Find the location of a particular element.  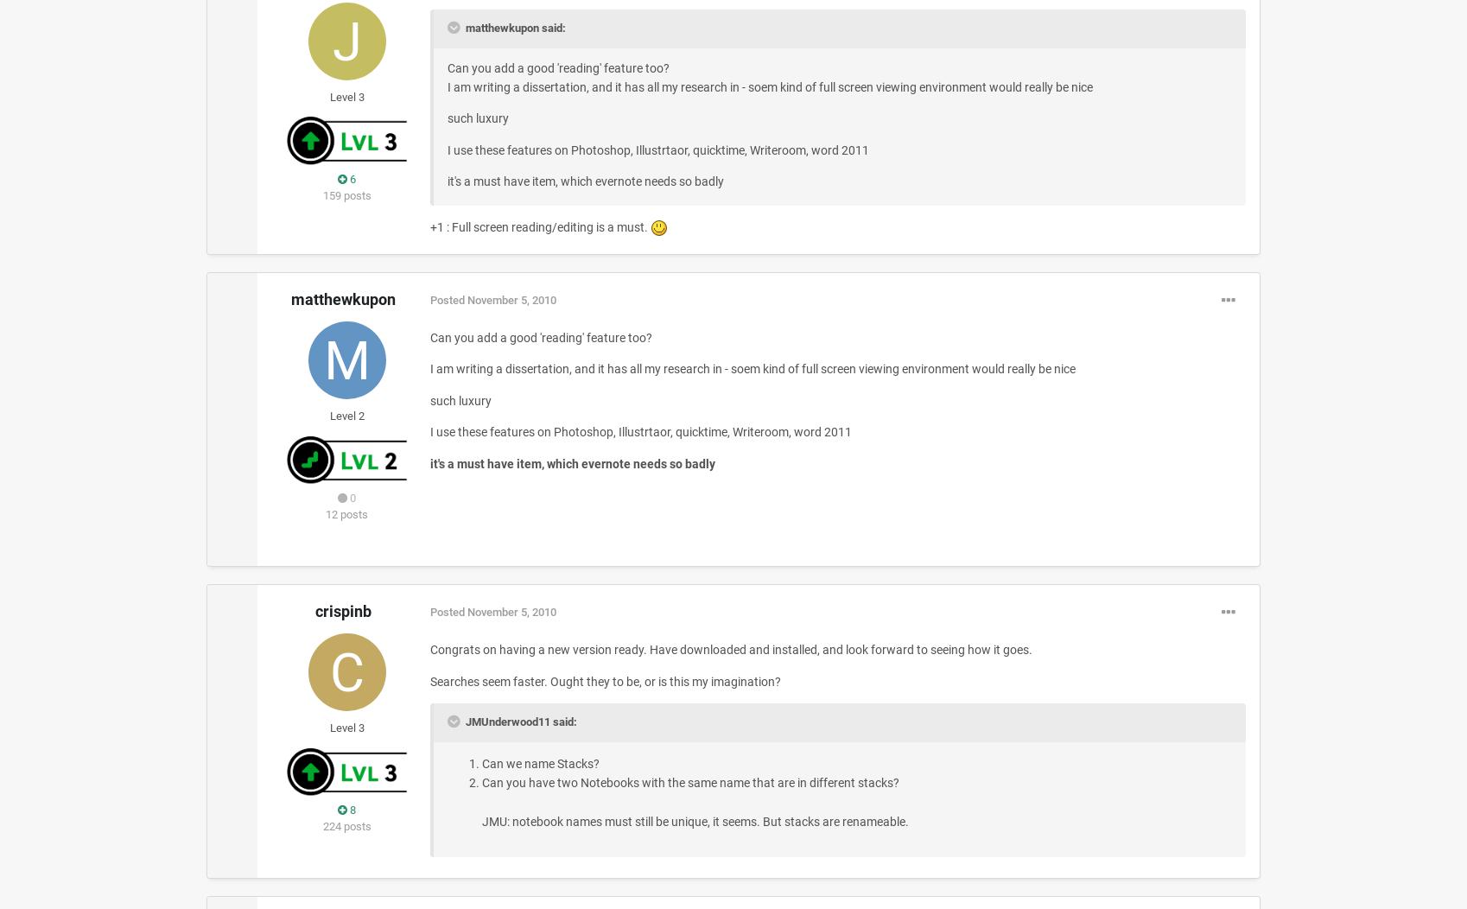

'matthewkupon said:' is located at coordinates (513, 27).